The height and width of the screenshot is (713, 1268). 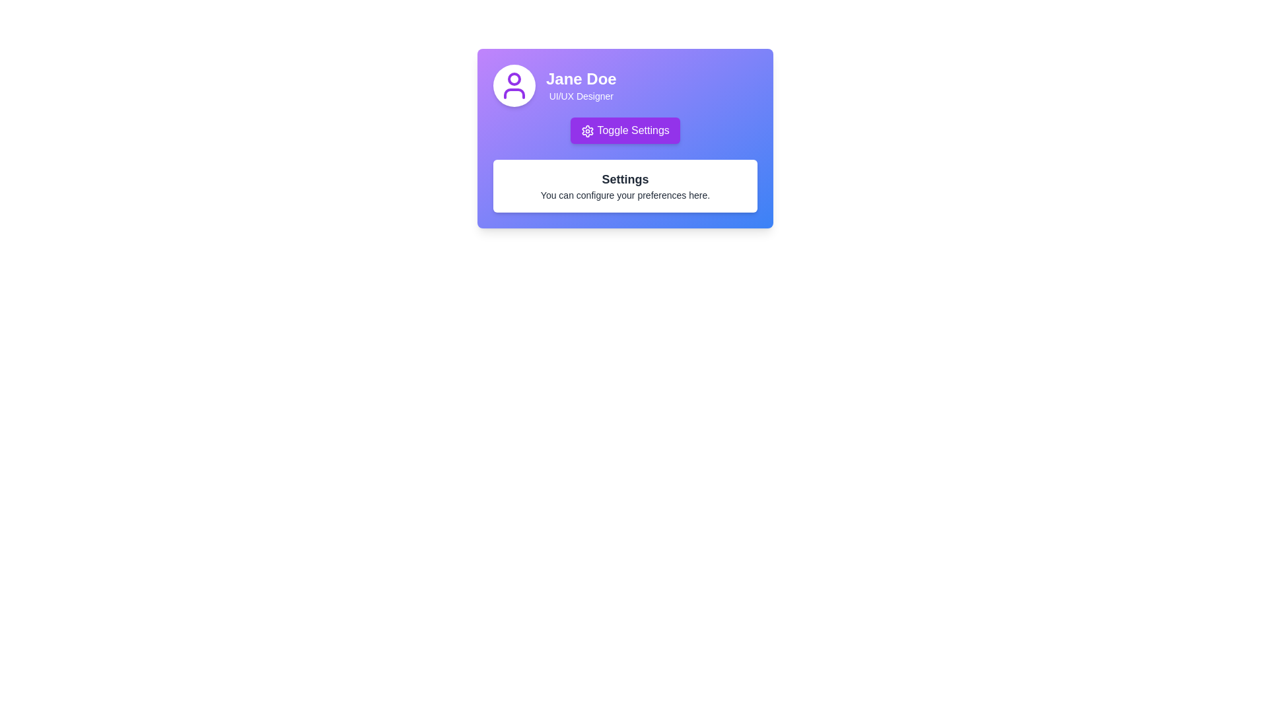 I want to click on the informational text element that instructs the user about configuration options, located directly below the 'Settings' title in the central lower part of the interface, so click(x=624, y=195).